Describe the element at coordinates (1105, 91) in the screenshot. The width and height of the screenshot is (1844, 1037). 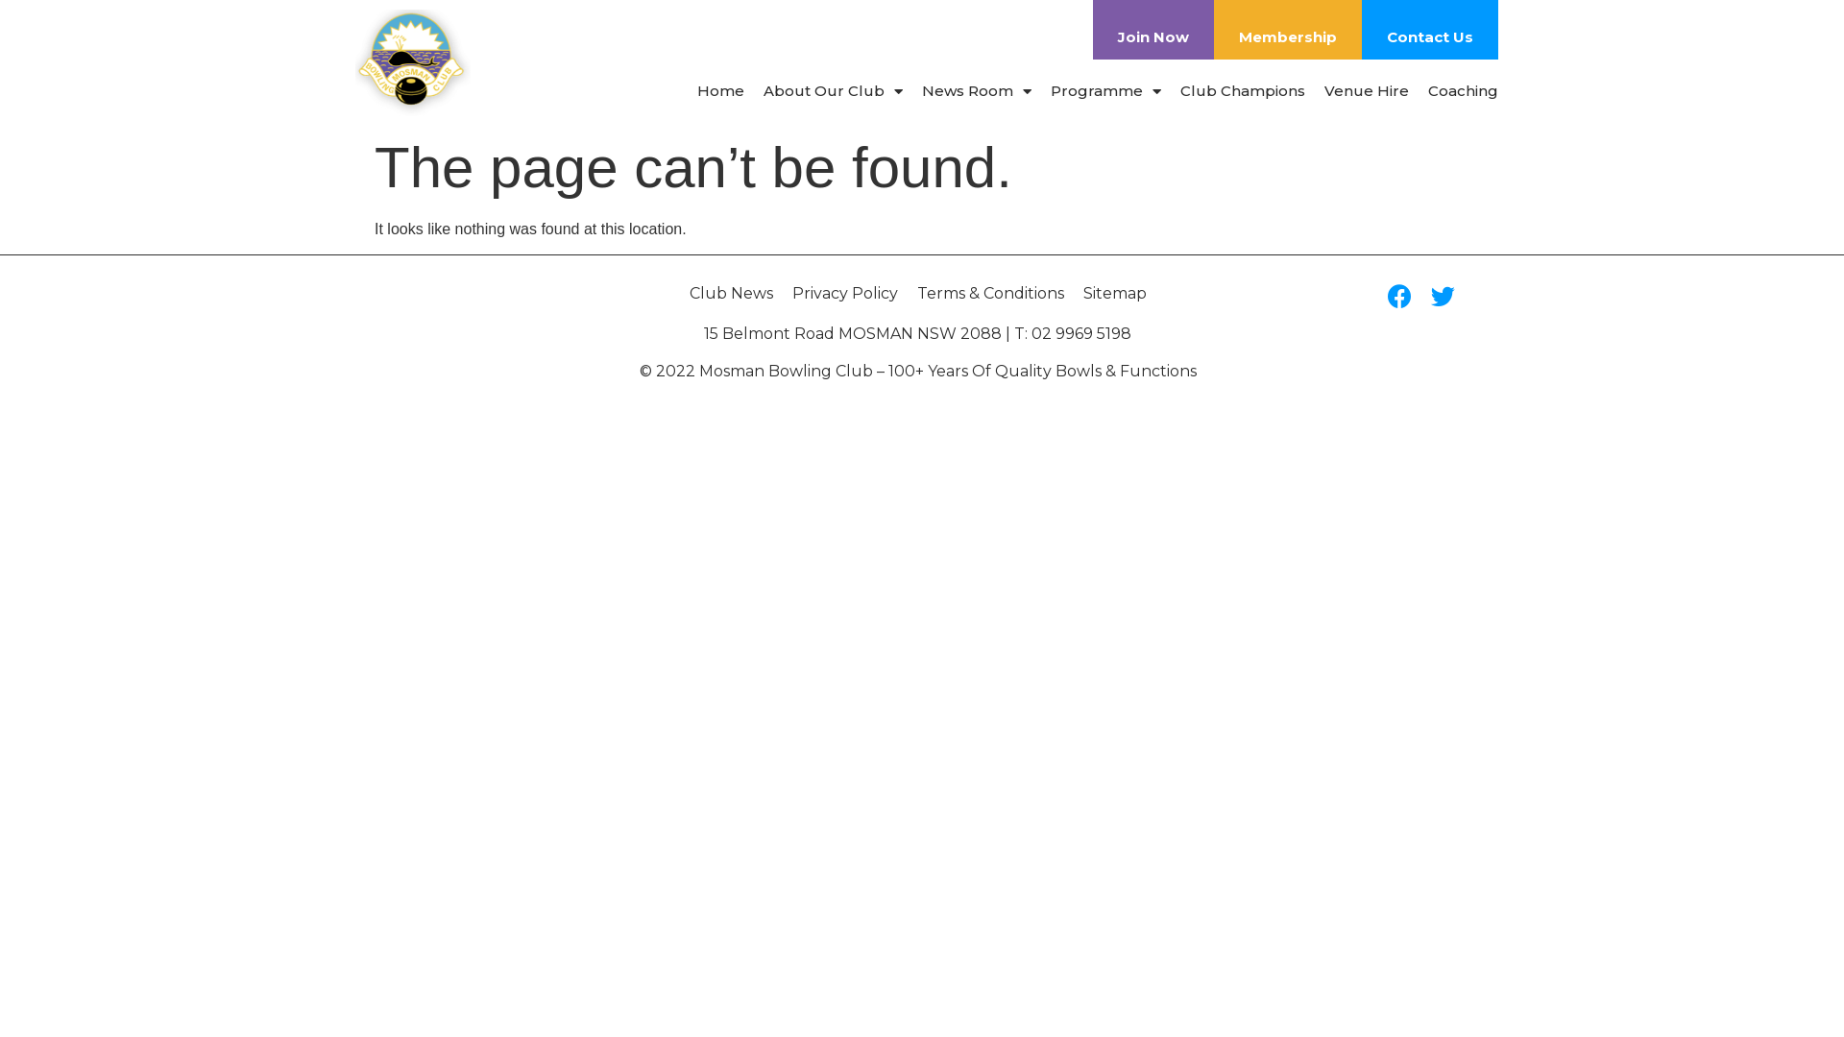
I see `'Programme'` at that location.